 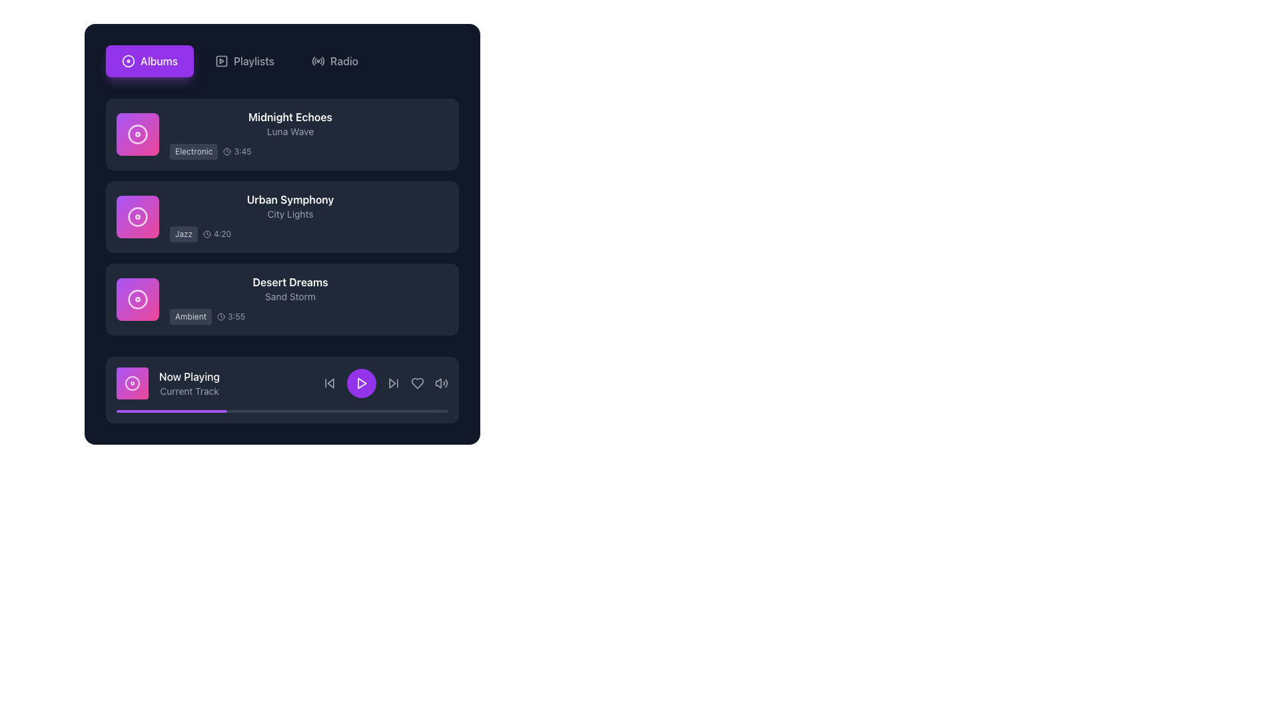 I want to click on the static text label indicating the currently playing track, which is positioned at the bottom section of a panel, above the 'Current Track' text element, so click(x=189, y=377).